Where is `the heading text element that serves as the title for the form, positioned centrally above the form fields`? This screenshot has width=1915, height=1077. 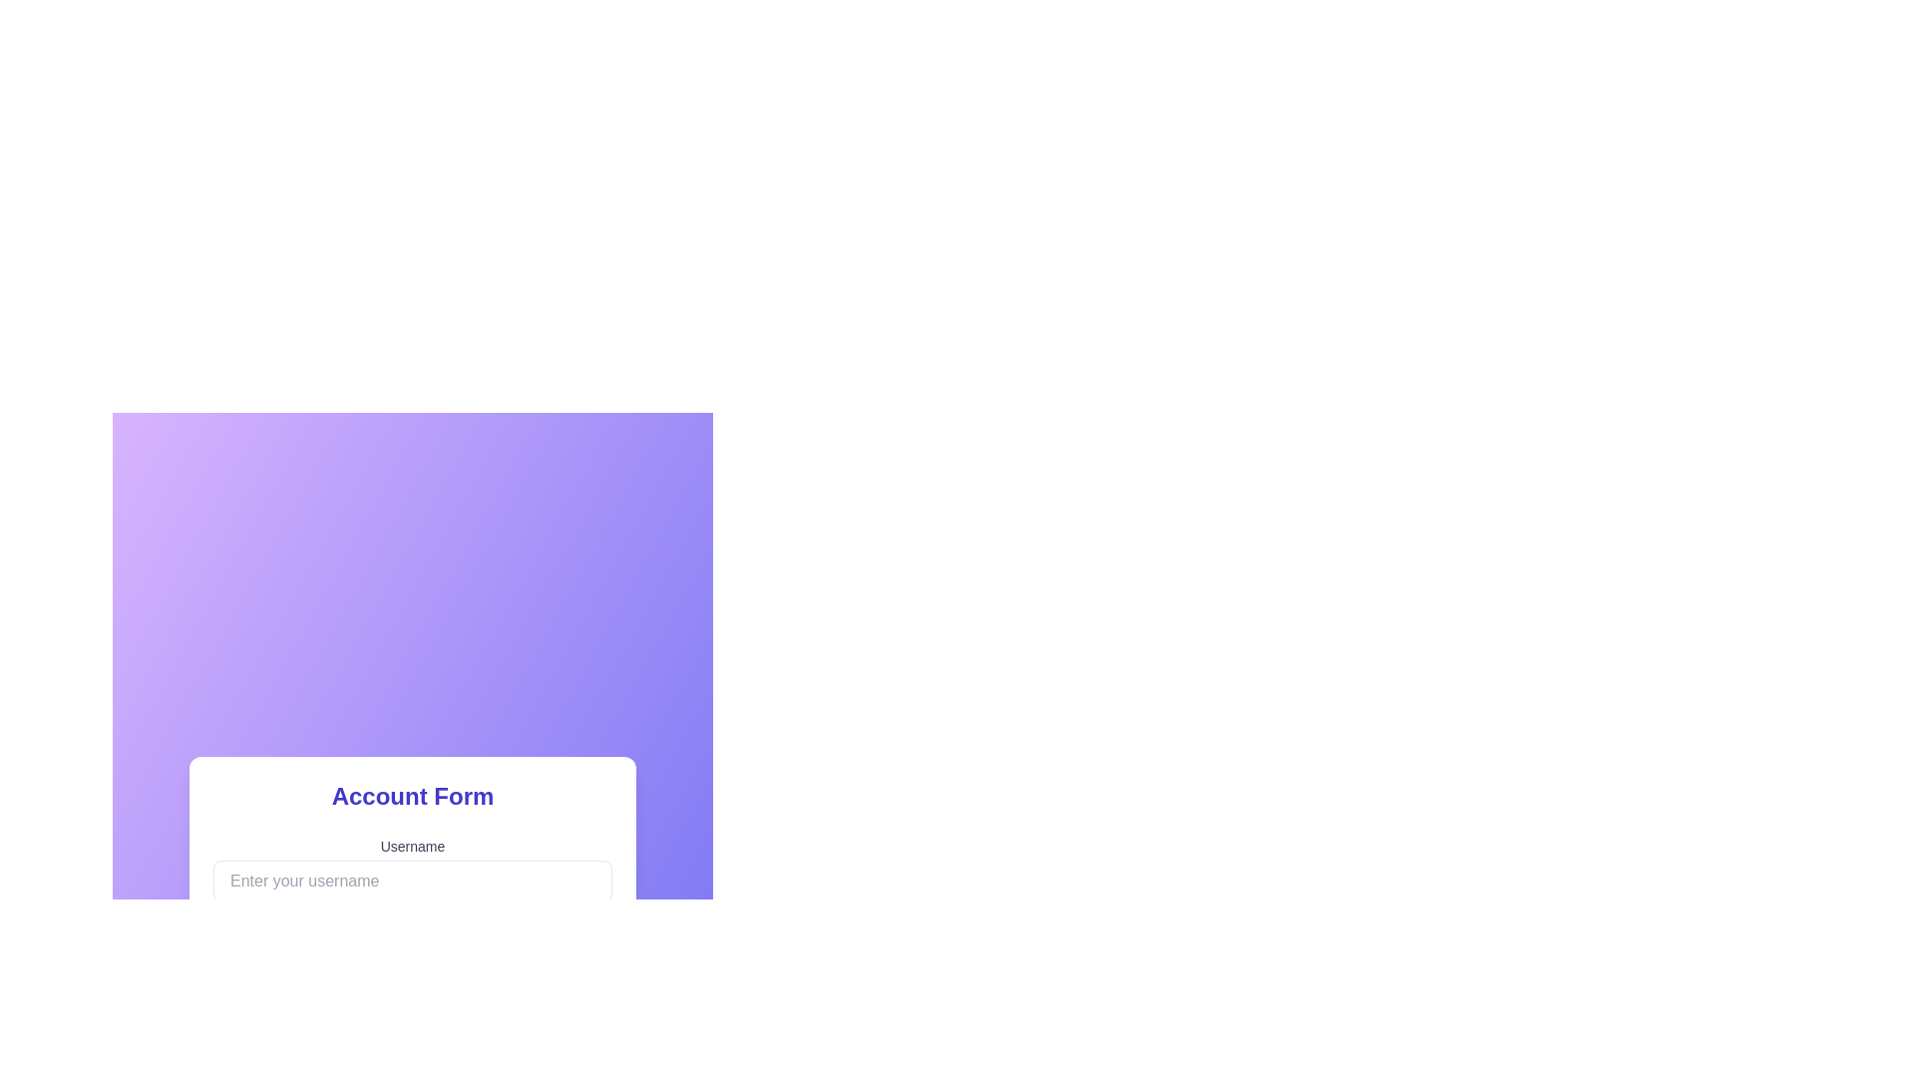 the heading text element that serves as the title for the form, positioned centrally above the form fields is located at coordinates (411, 795).